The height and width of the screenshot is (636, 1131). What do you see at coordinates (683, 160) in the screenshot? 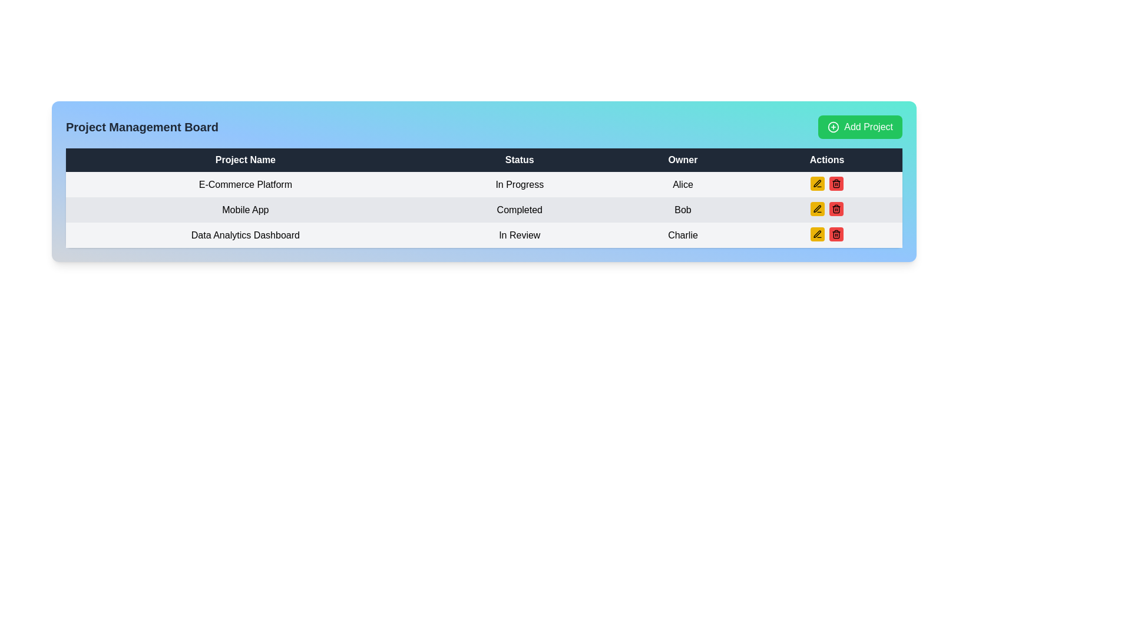
I see `the 'Owner' text label, which is the third column header in a table layout, located between 'Status' and 'Actions'` at bounding box center [683, 160].